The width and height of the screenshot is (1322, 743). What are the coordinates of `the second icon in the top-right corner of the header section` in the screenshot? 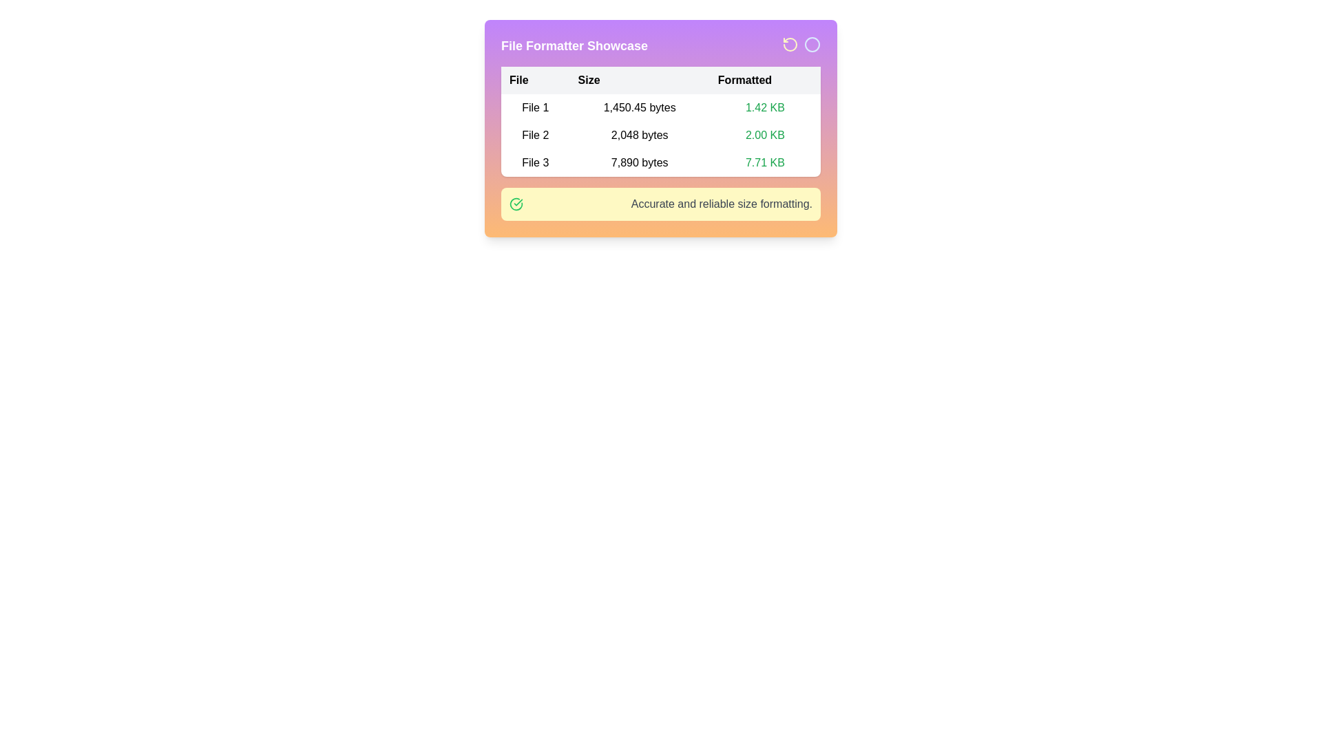 It's located at (812, 44).